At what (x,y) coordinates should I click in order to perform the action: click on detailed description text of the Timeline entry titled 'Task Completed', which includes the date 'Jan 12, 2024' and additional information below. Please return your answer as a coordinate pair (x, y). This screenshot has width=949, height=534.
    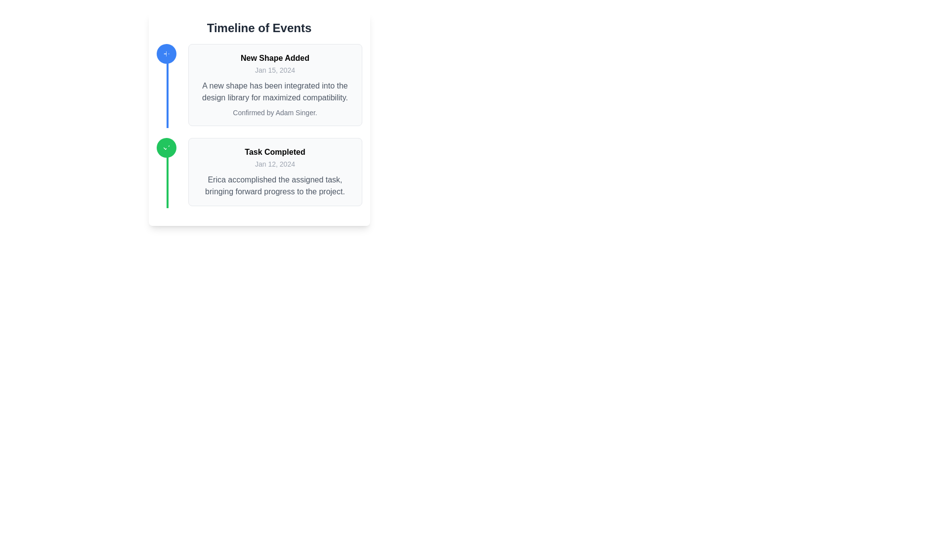
    Looking at the image, I should click on (259, 171).